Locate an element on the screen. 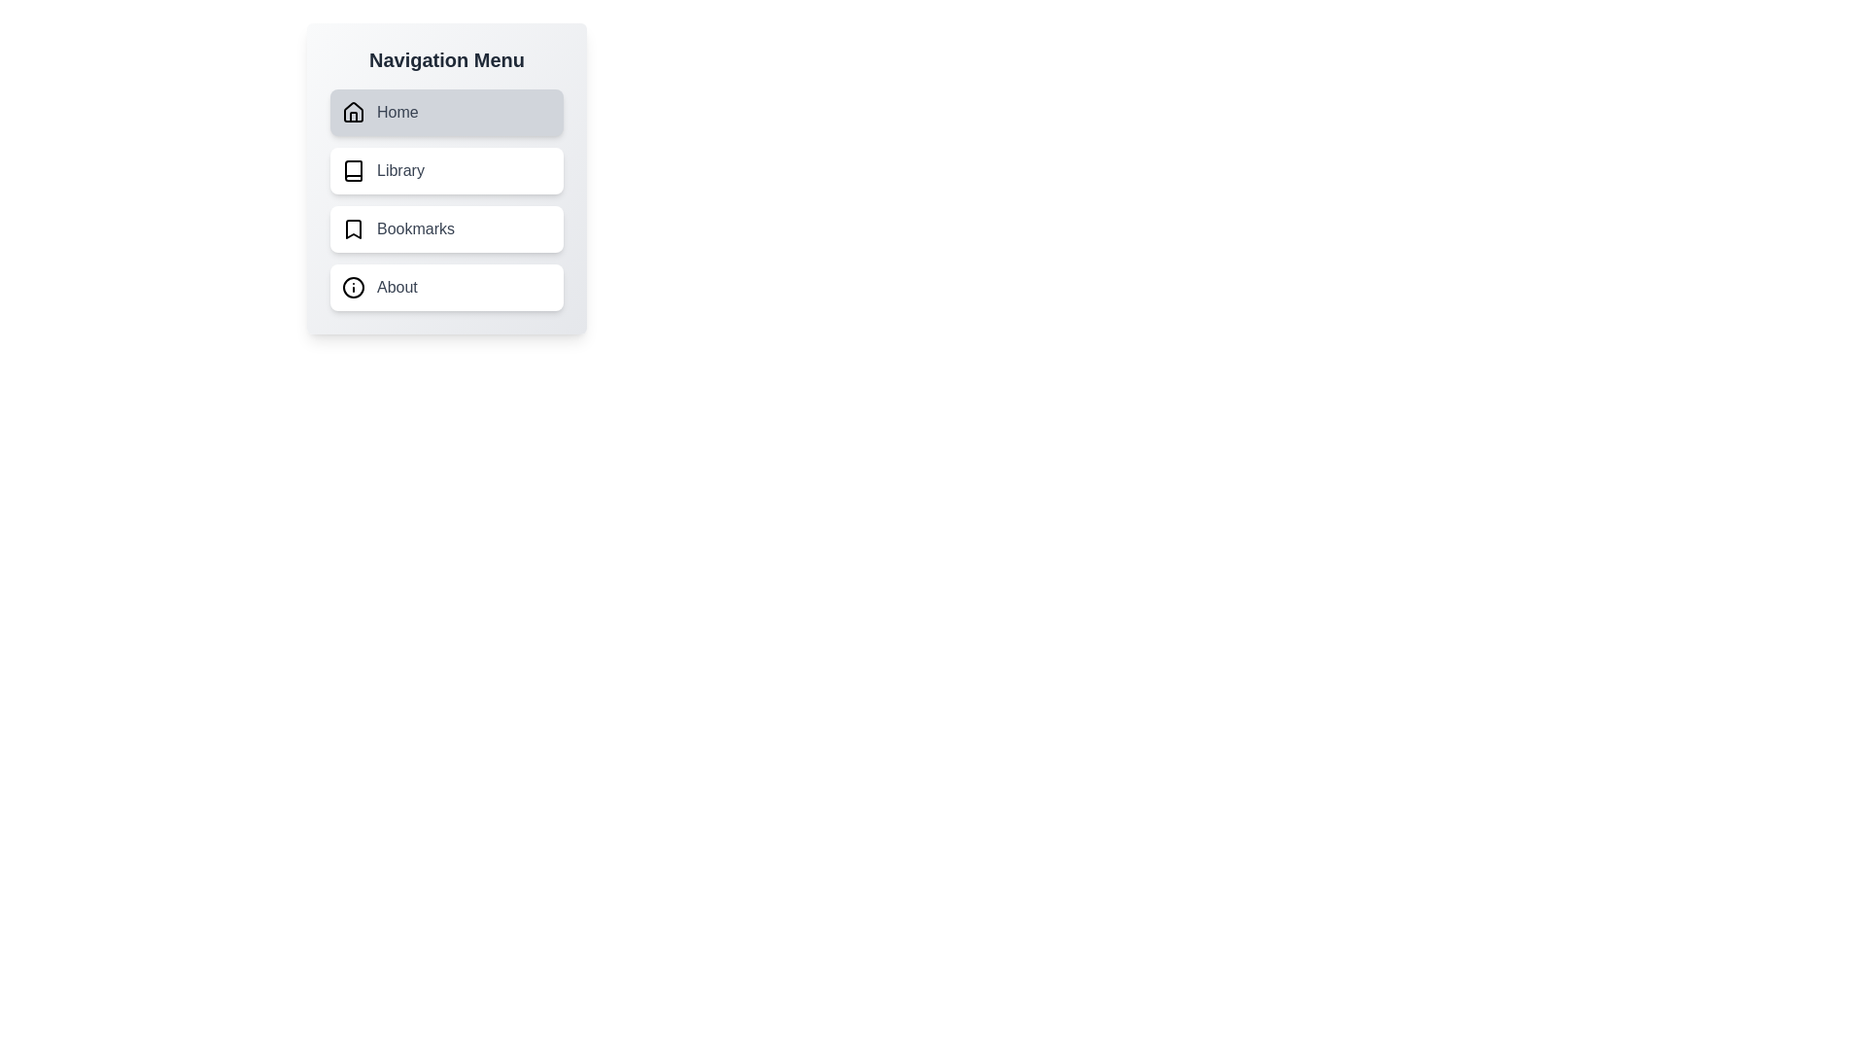  the menu item corresponding to Home is located at coordinates (446, 112).